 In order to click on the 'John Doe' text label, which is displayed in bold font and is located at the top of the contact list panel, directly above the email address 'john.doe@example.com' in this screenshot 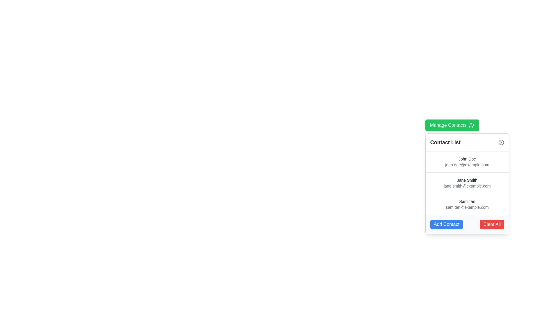, I will do `click(467, 159)`.